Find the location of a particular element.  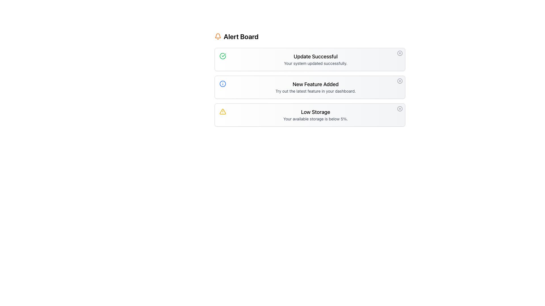

the Alert Box that provides a notification about a new feature added, positioned as the second item in a vertically stacked list of alerts is located at coordinates (309, 87).